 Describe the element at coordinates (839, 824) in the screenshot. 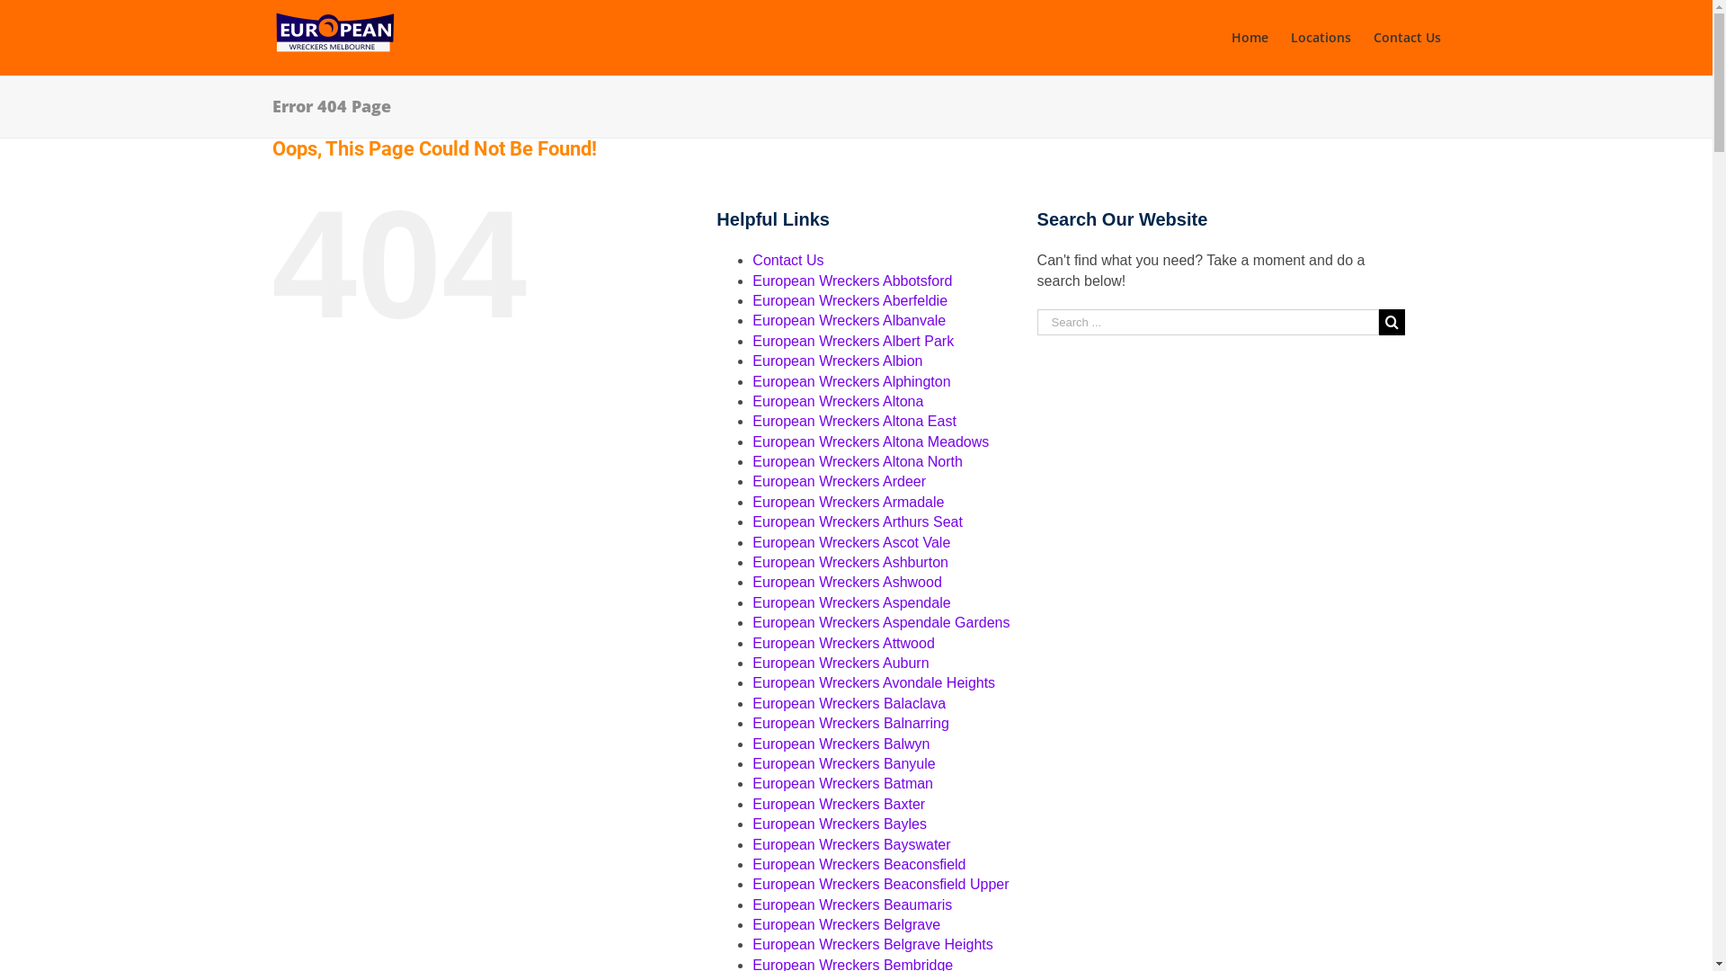

I see `'European Wreckers Bayles'` at that location.